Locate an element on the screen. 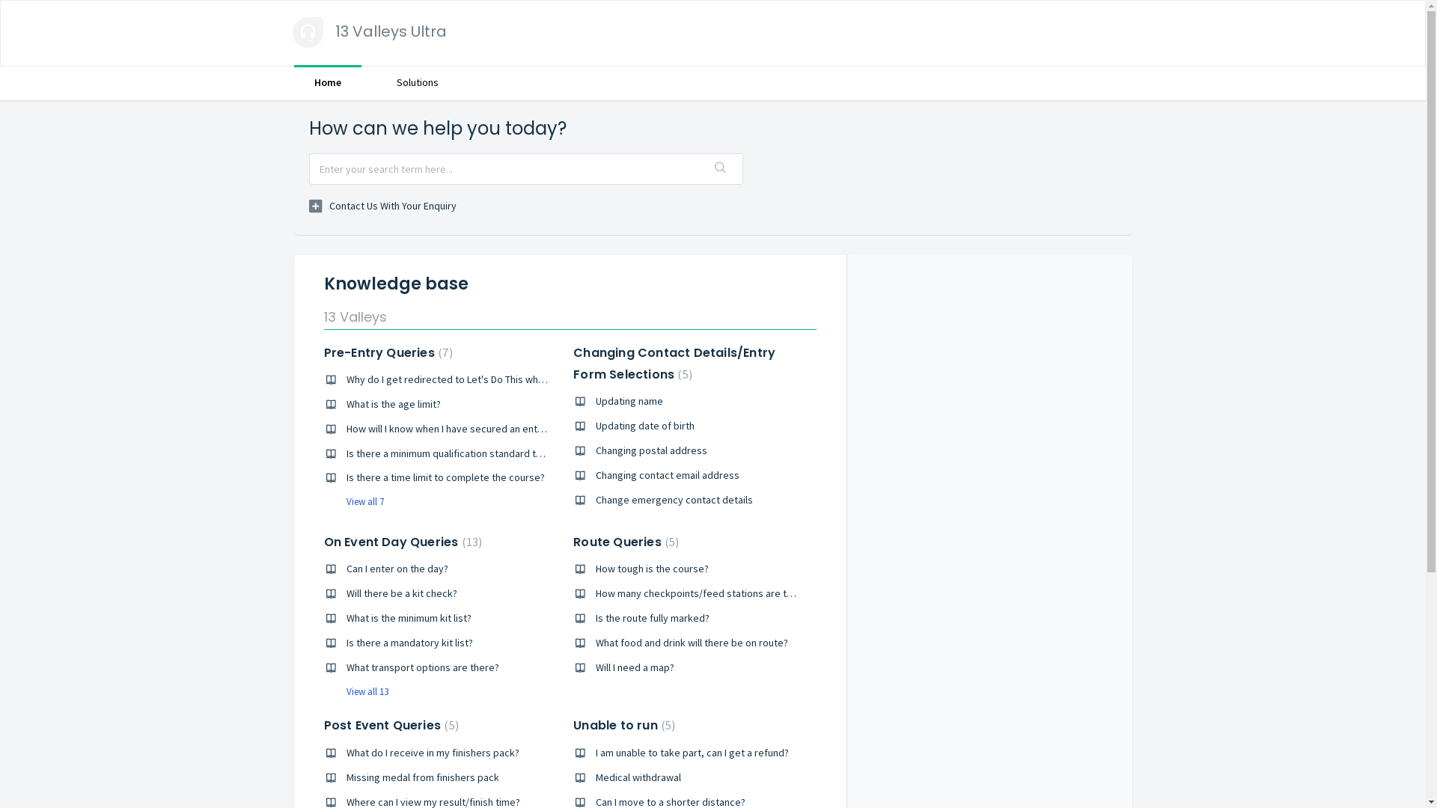  'Home' is located at coordinates (326, 82).